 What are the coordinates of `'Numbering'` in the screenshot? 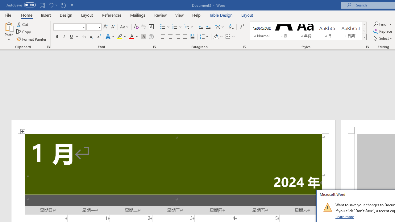 It's located at (177, 27).